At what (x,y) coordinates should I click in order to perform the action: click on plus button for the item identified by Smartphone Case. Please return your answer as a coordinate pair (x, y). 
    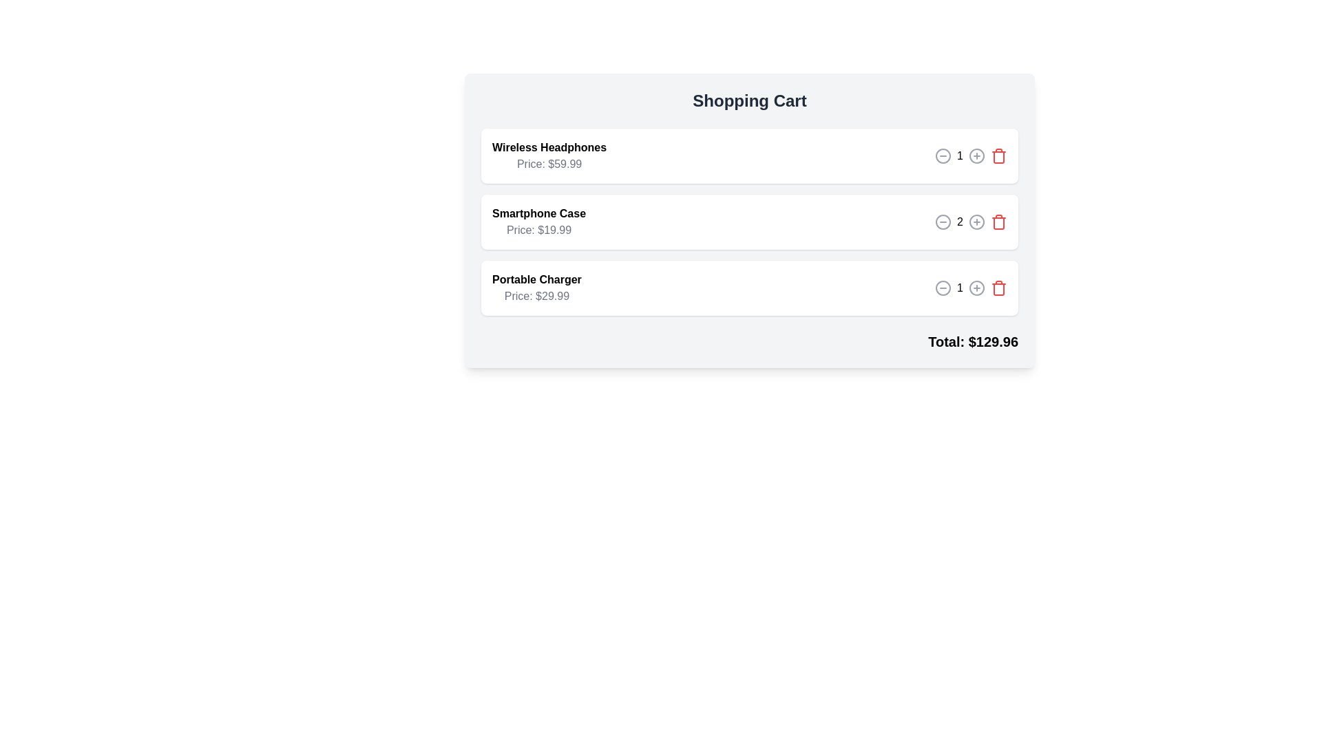
    Looking at the image, I should click on (976, 222).